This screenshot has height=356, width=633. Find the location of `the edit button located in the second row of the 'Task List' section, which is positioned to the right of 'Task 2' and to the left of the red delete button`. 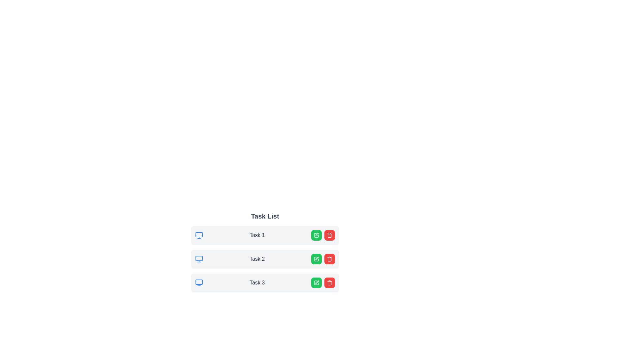

the edit button located in the second row of the 'Task List' section, which is positioned to the right of 'Task 2' and to the left of the red delete button is located at coordinates (316, 259).